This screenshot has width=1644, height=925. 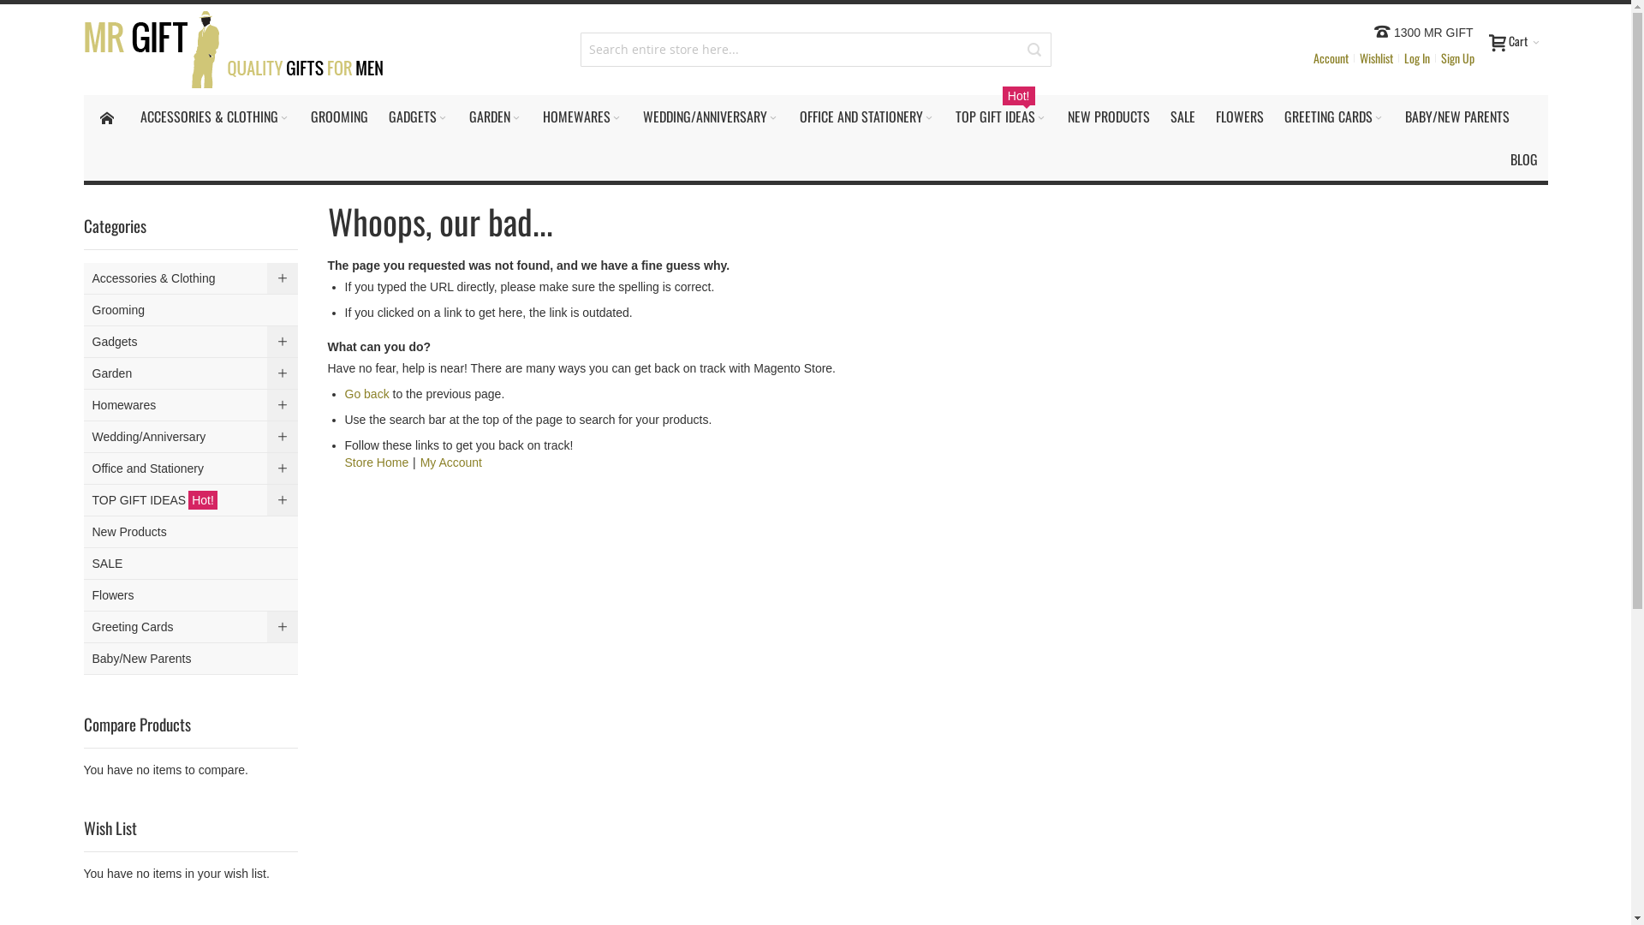 What do you see at coordinates (1108, 116) in the screenshot?
I see `'NEW PRODUCTS'` at bounding box center [1108, 116].